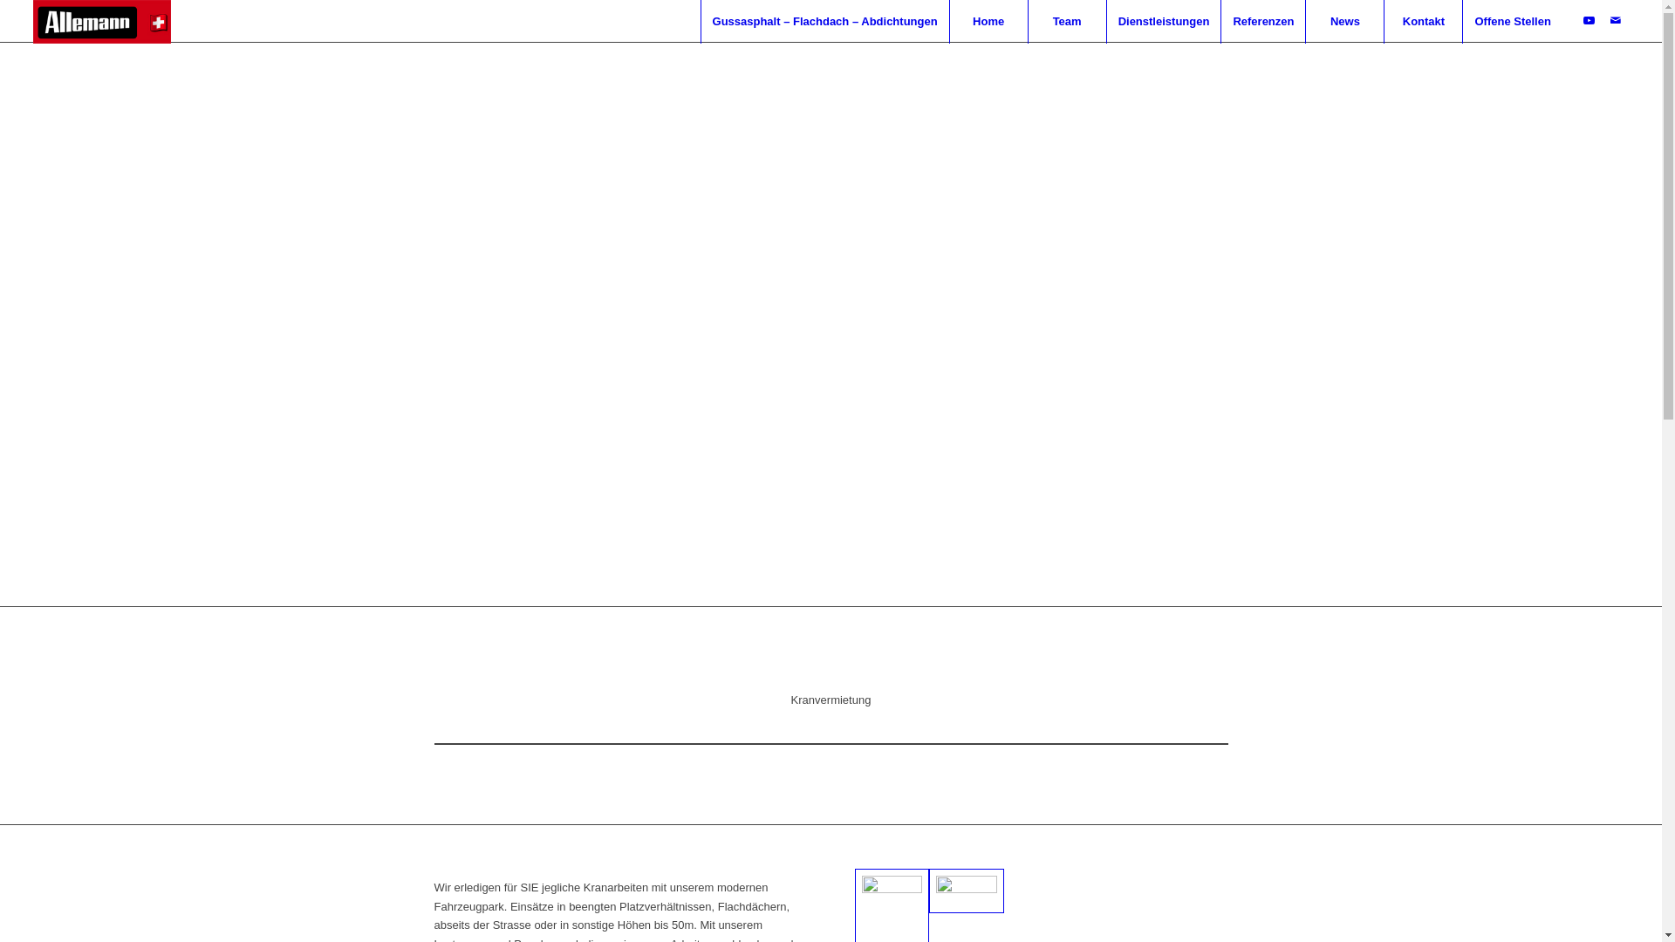  I want to click on 'News', so click(1305, 21).